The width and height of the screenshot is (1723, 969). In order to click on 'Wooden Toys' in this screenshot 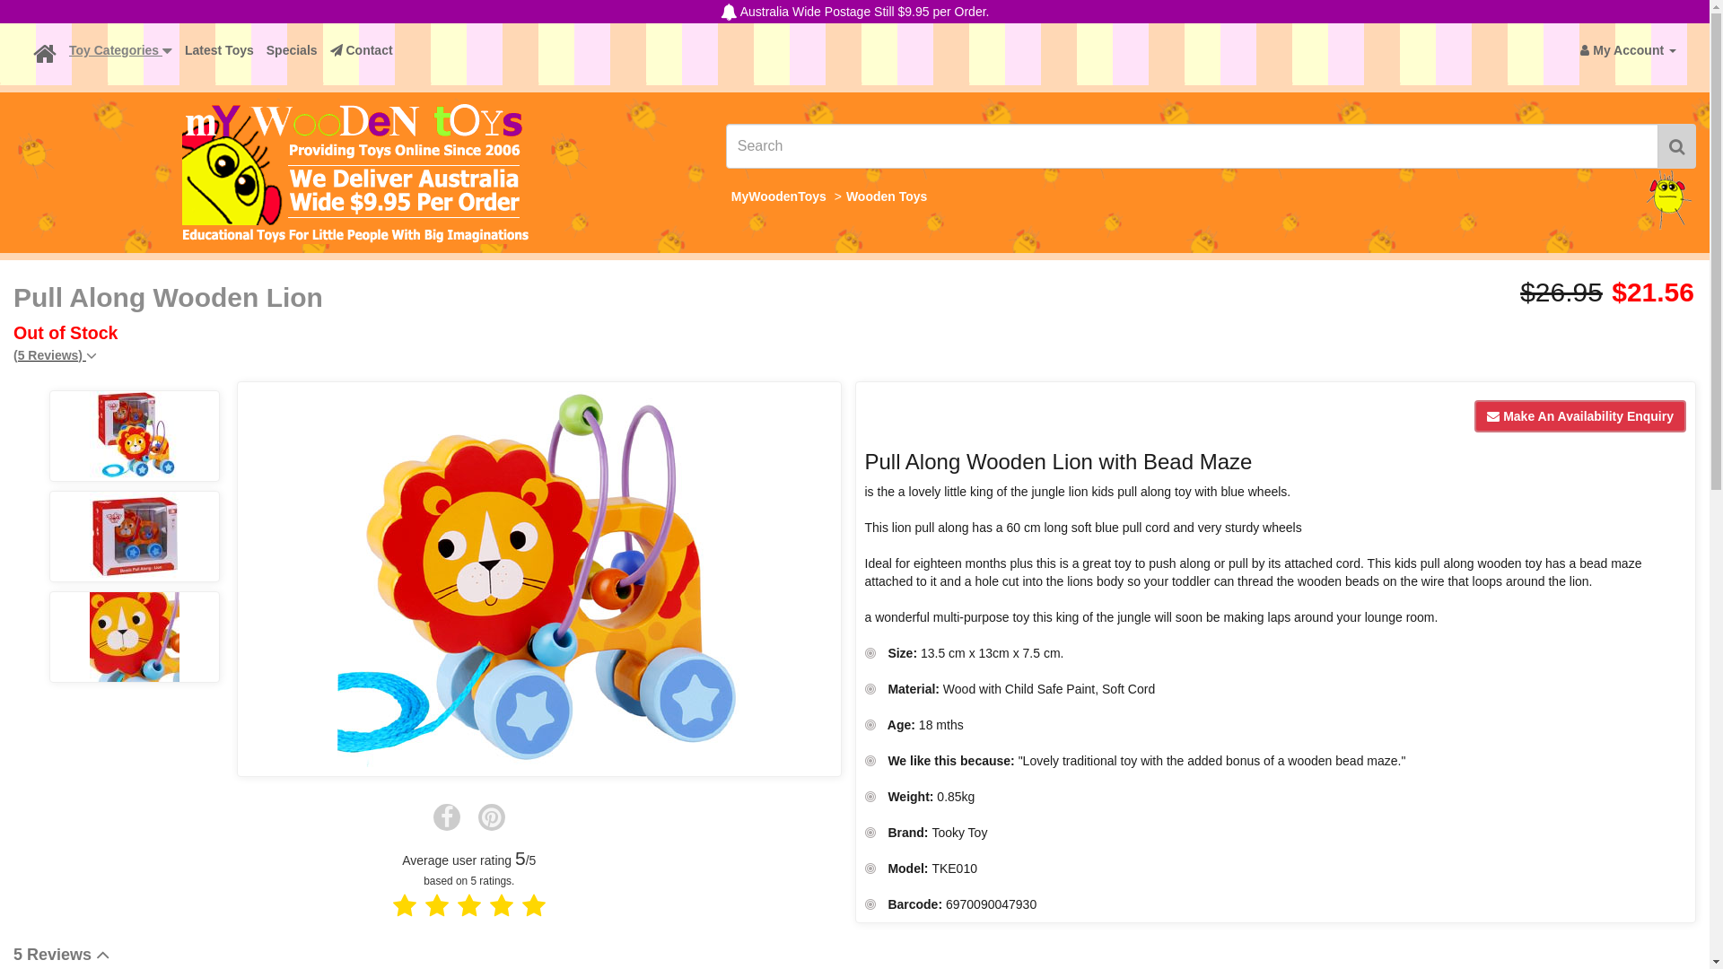, I will do `click(887, 196)`.